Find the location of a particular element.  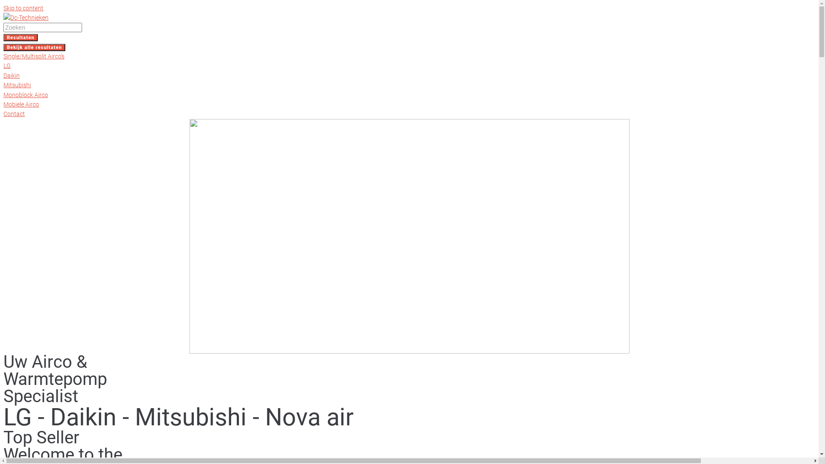

'Contact' is located at coordinates (14, 113).